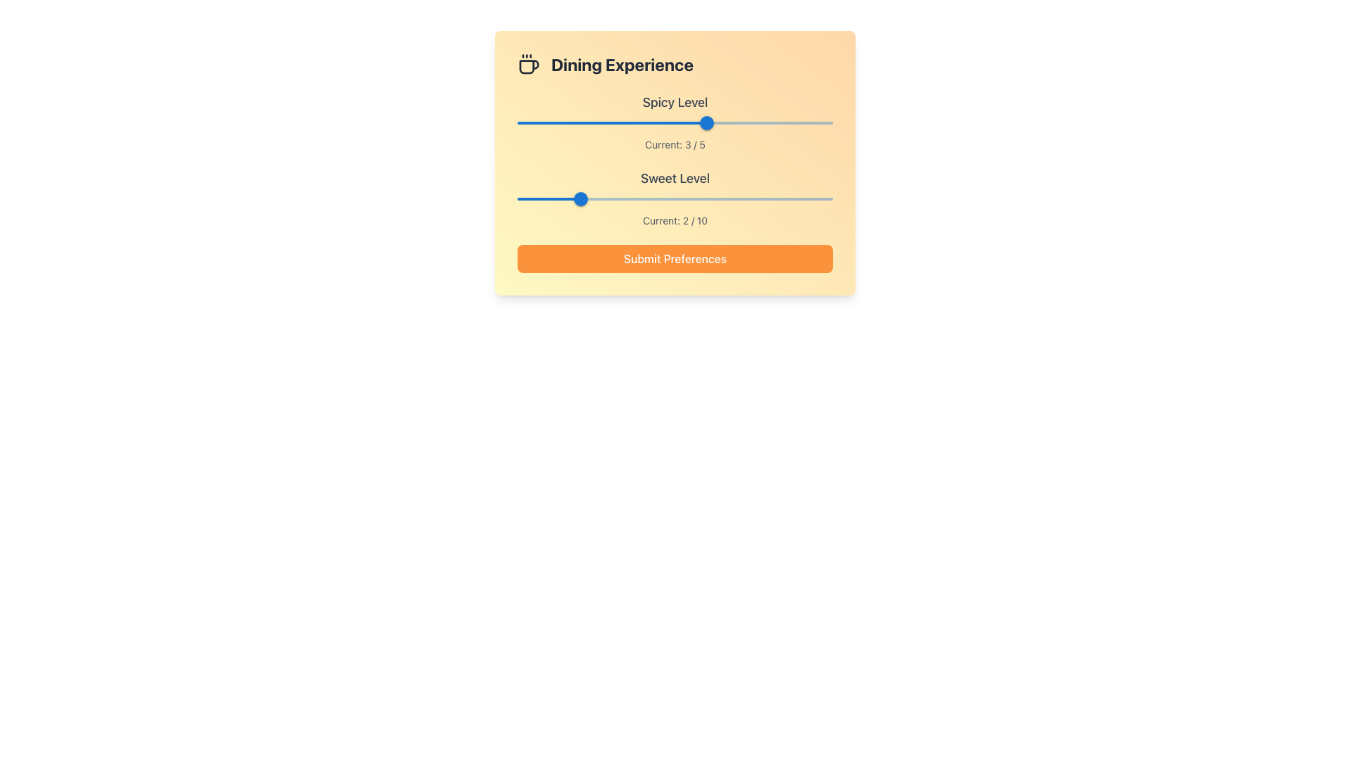 This screenshot has height=760, width=1352. Describe the element at coordinates (675, 122) in the screenshot. I see `the thumb of the slider located in the 'Spicy Level' section of the 'Dining Experience' panel` at that location.